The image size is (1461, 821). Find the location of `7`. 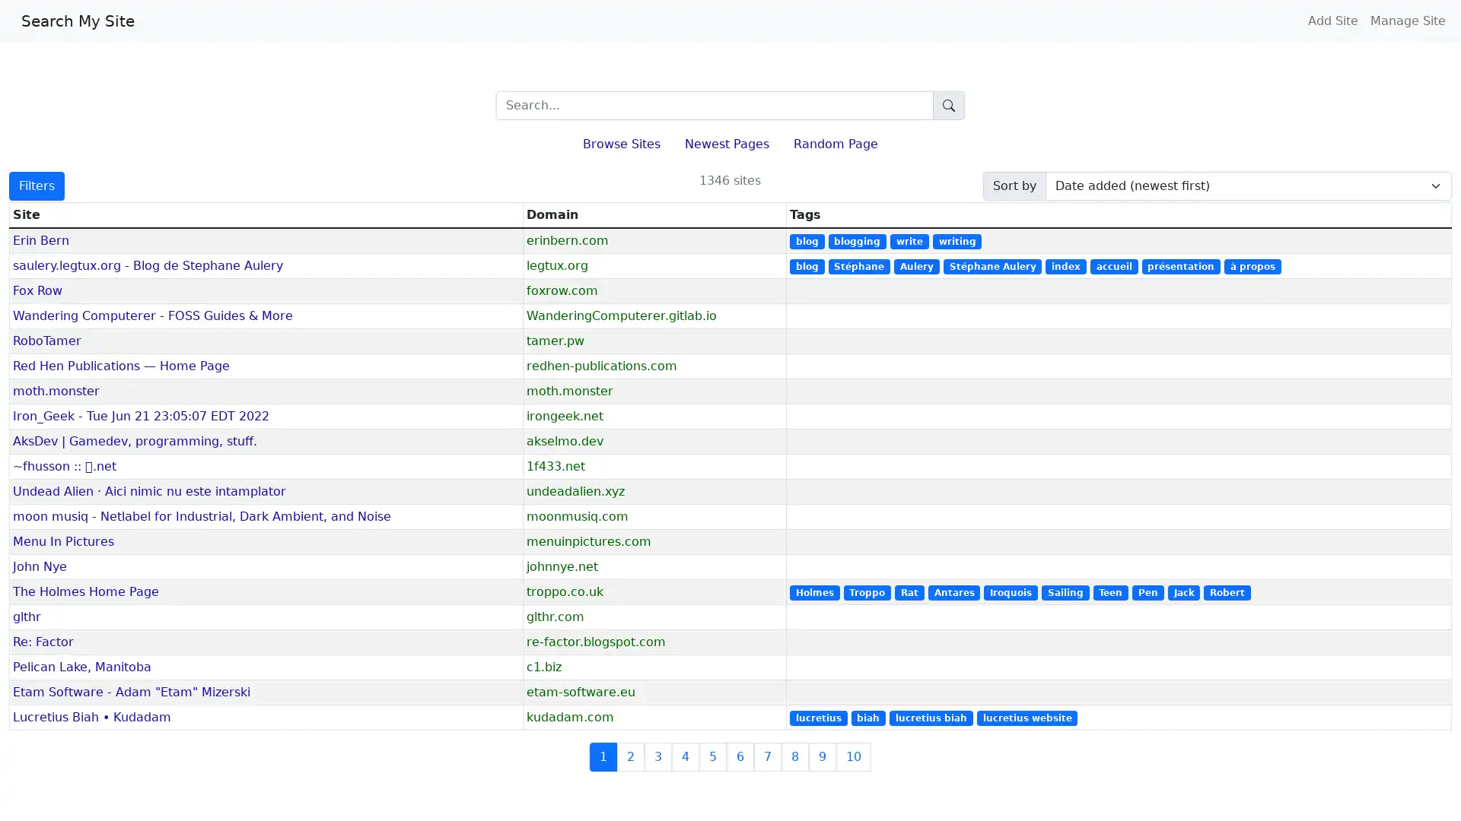

7 is located at coordinates (767, 756).